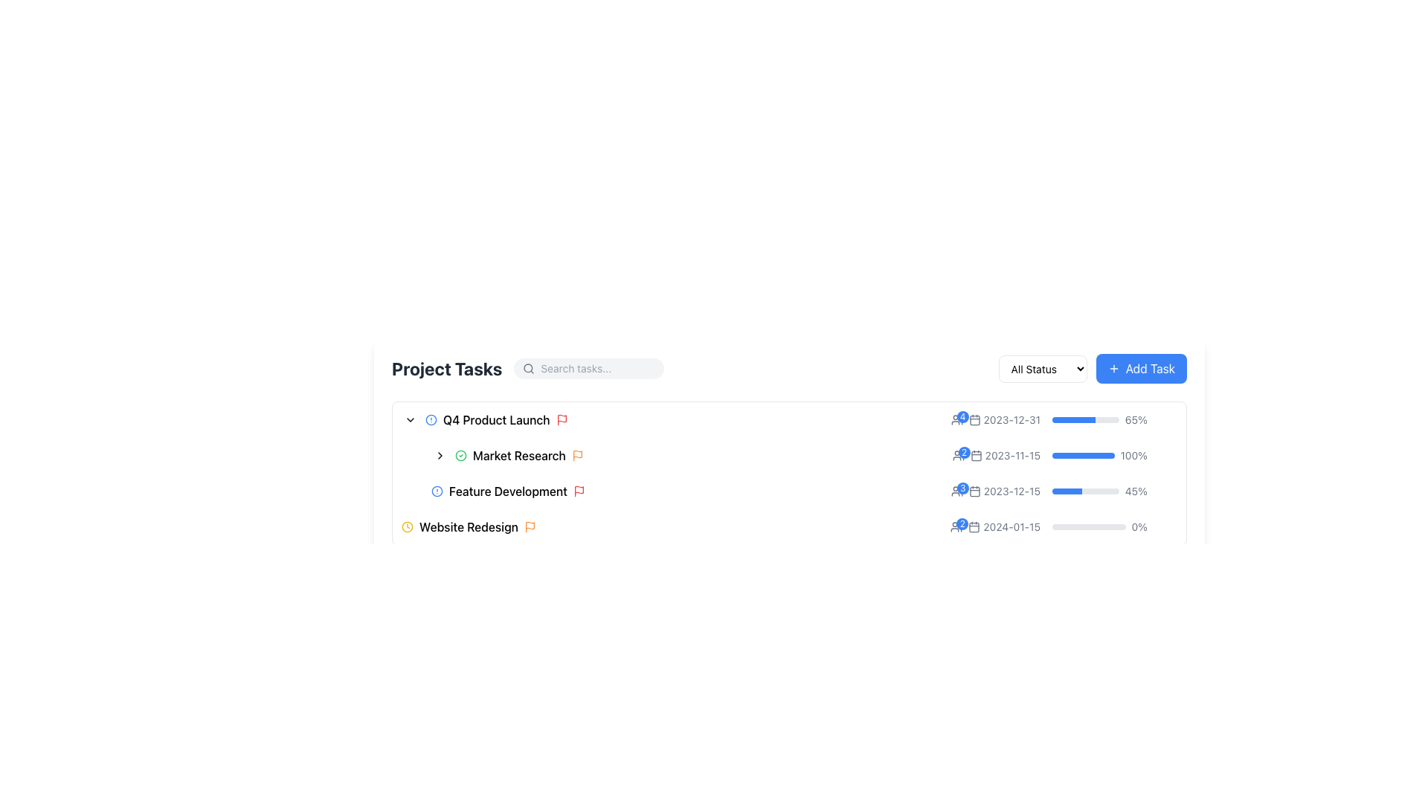 This screenshot has width=1428, height=803. Describe the element at coordinates (1167, 419) in the screenshot. I see `the options button located at the right end of the progress bar for the task dated 2023-12-31 with a progress of 65%` at that location.